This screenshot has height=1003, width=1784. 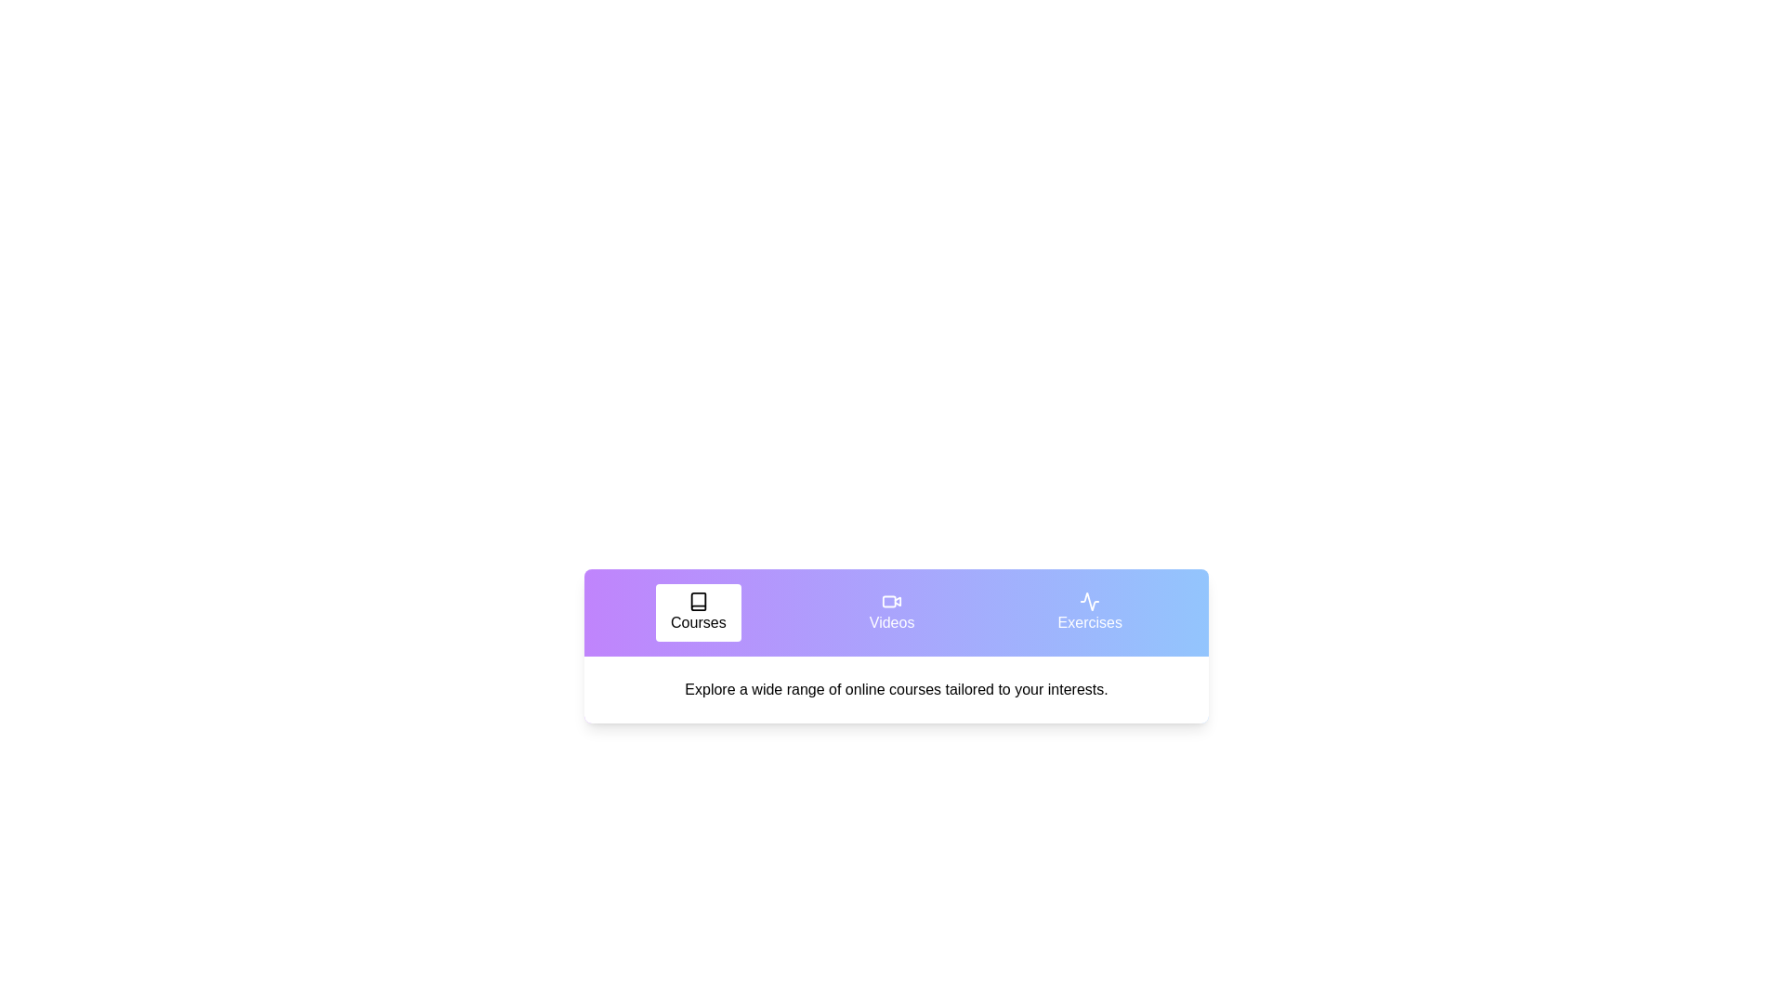 What do you see at coordinates (697, 612) in the screenshot?
I see `the tab labeled Courses to observe hover effects` at bounding box center [697, 612].